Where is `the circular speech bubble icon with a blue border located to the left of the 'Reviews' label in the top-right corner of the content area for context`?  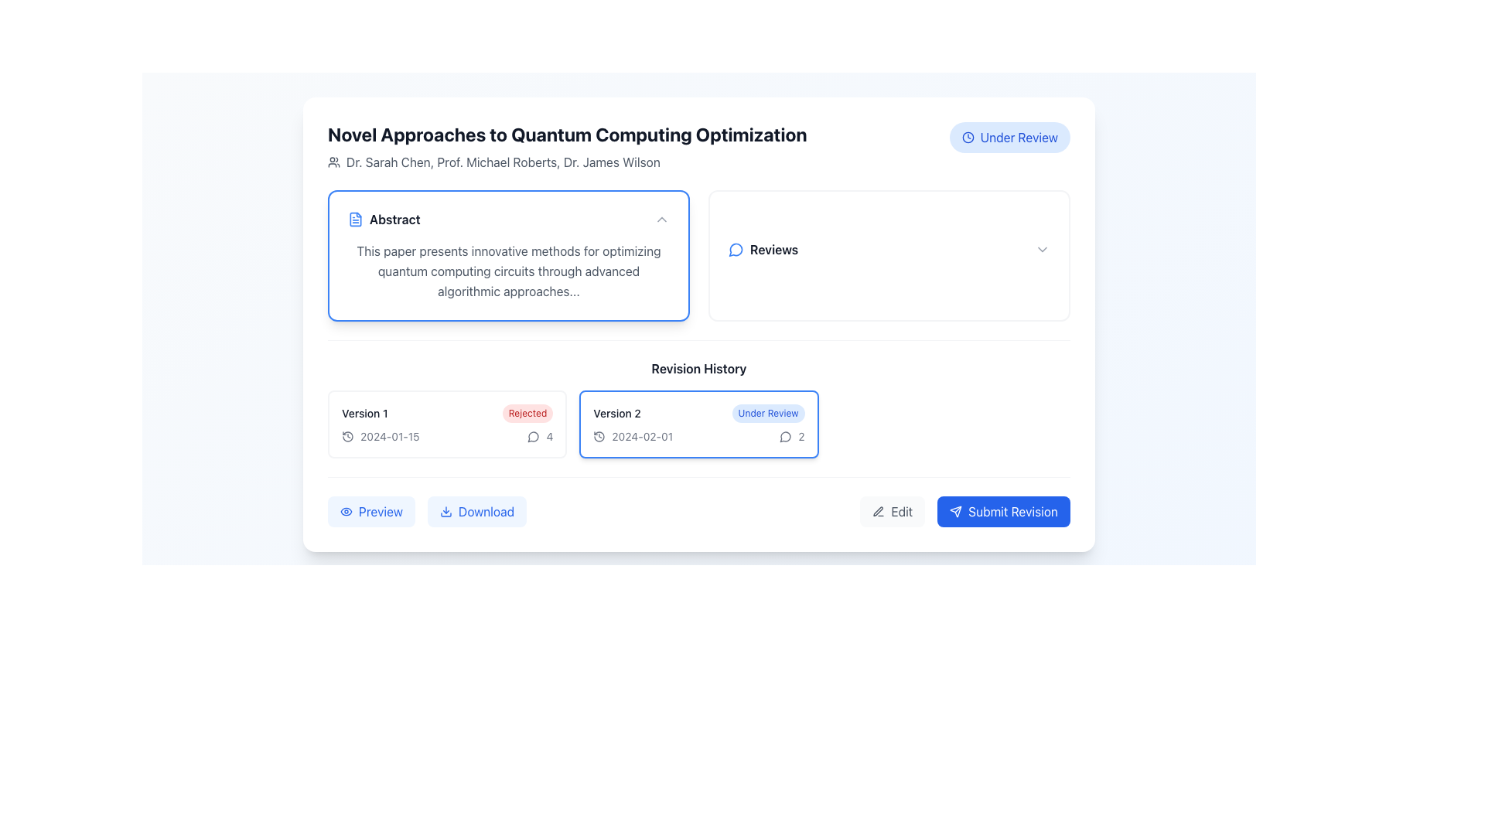 the circular speech bubble icon with a blue border located to the left of the 'Reviews' label in the top-right corner of the content area for context is located at coordinates (735, 249).